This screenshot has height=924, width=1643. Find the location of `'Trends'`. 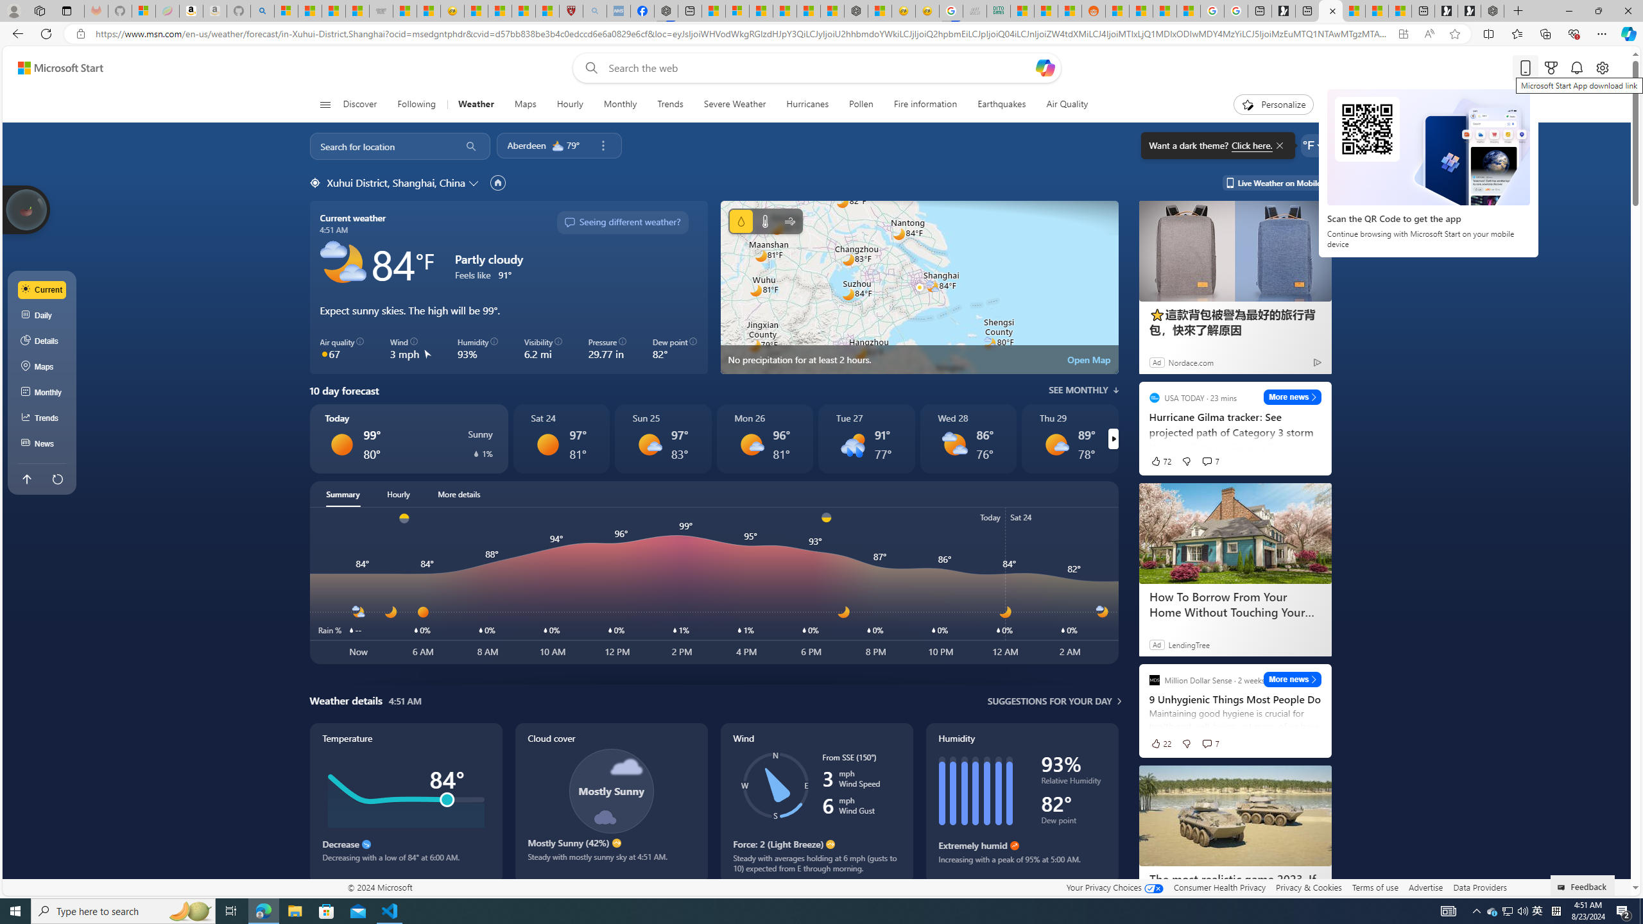

'Trends' is located at coordinates (669, 104).